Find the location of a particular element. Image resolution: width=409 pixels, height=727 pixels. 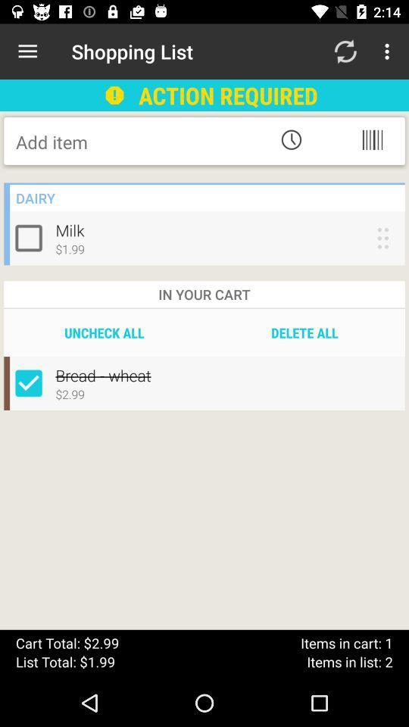

the item to the right of action required icon is located at coordinates (345, 51).